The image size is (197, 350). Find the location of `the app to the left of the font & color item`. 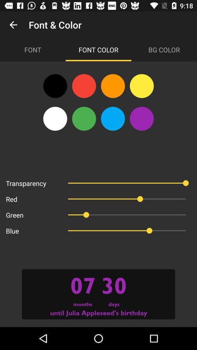

the app to the left of the font & color item is located at coordinates (13, 25).